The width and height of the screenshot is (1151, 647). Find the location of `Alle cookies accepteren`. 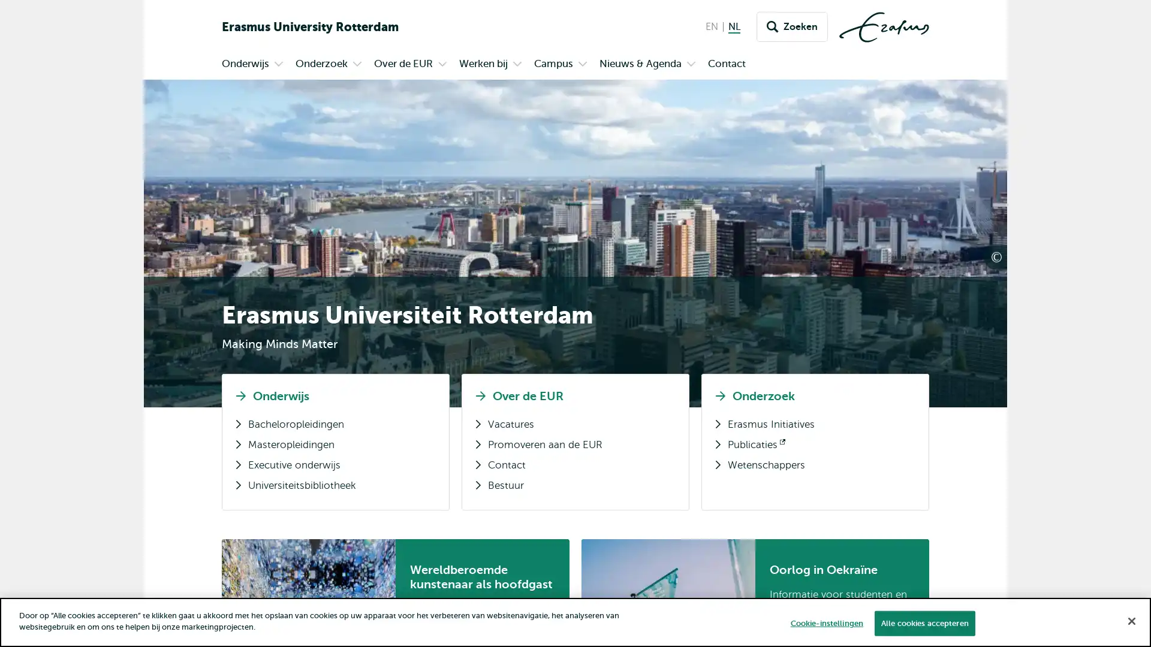

Alle cookies accepteren is located at coordinates (923, 622).